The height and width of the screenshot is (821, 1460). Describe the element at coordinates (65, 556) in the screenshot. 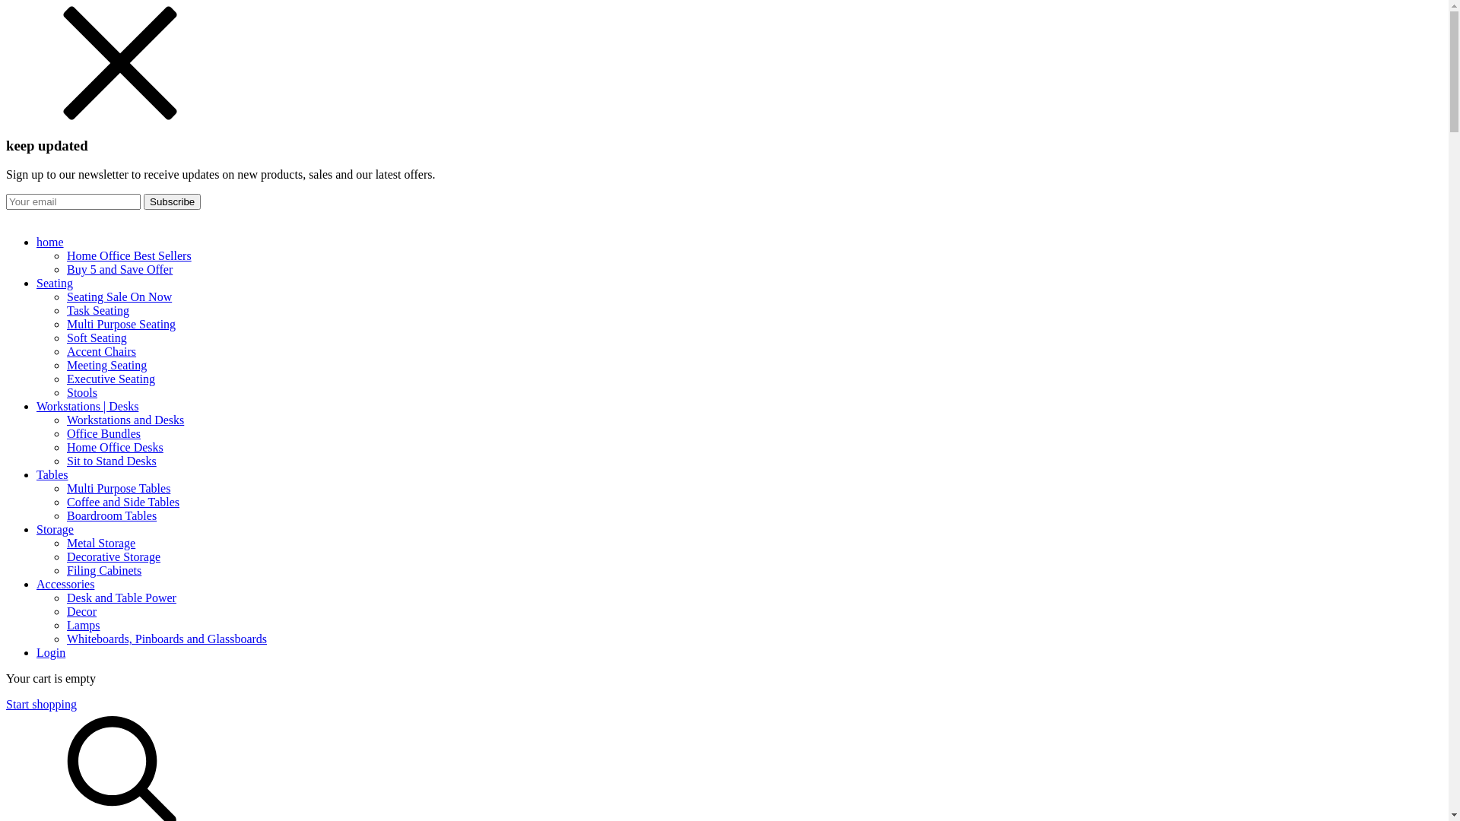

I see `'Decorative Storage'` at that location.